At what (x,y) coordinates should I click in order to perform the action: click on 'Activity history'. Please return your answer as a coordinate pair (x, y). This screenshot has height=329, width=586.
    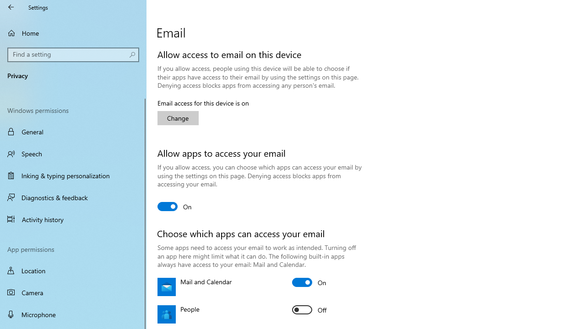
    Looking at the image, I should click on (73, 219).